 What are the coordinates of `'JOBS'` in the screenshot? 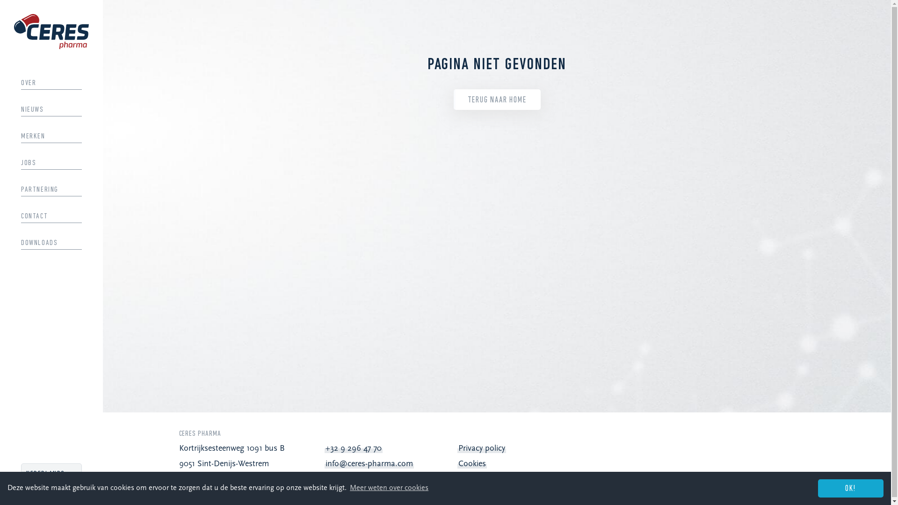 It's located at (51, 162).